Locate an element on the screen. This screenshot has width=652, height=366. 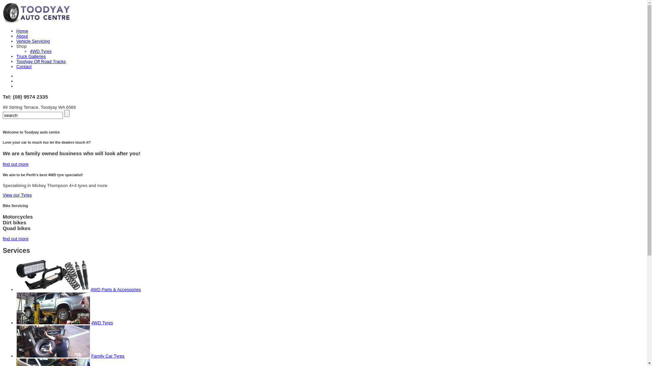
'4WD Tyres' is located at coordinates (102, 322).